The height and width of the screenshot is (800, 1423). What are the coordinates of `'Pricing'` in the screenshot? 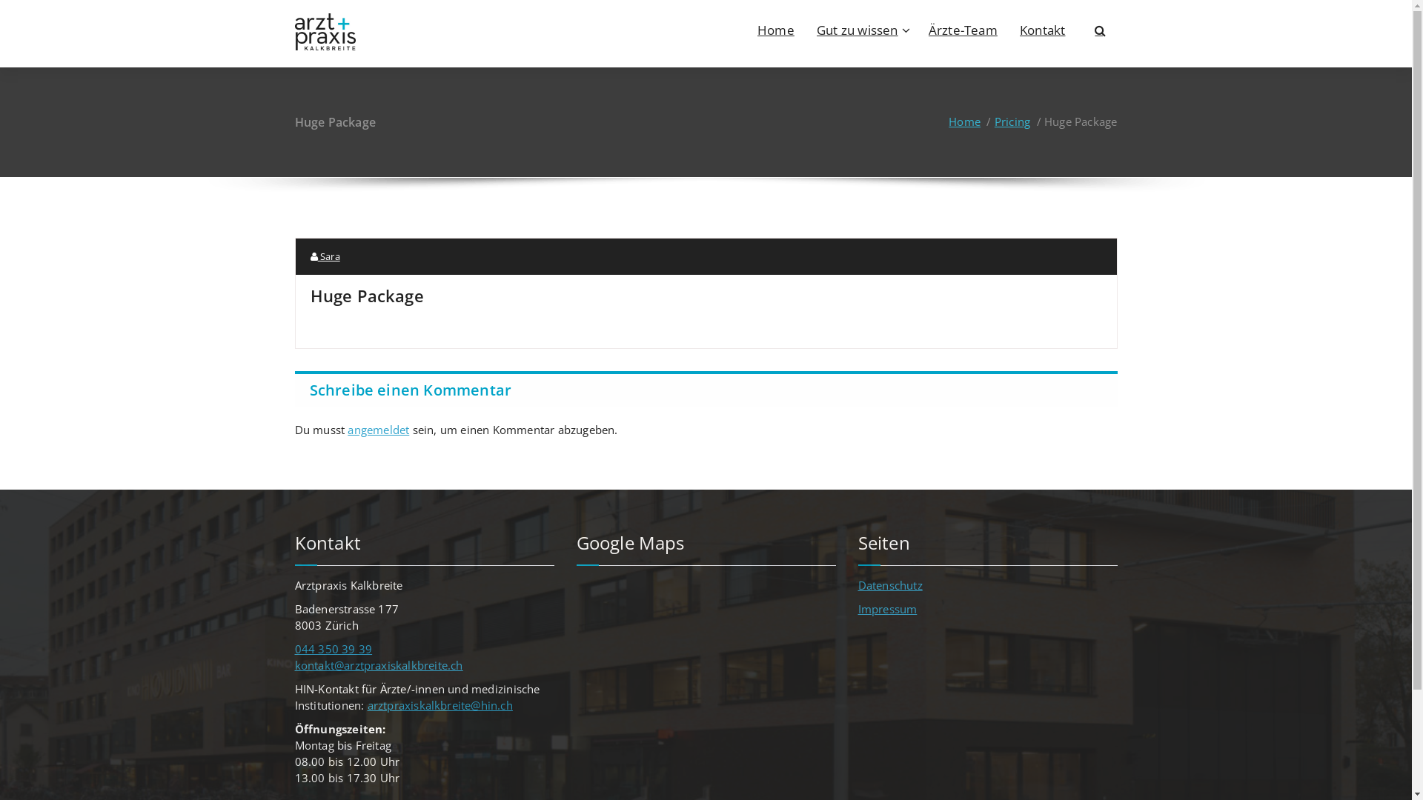 It's located at (995, 121).